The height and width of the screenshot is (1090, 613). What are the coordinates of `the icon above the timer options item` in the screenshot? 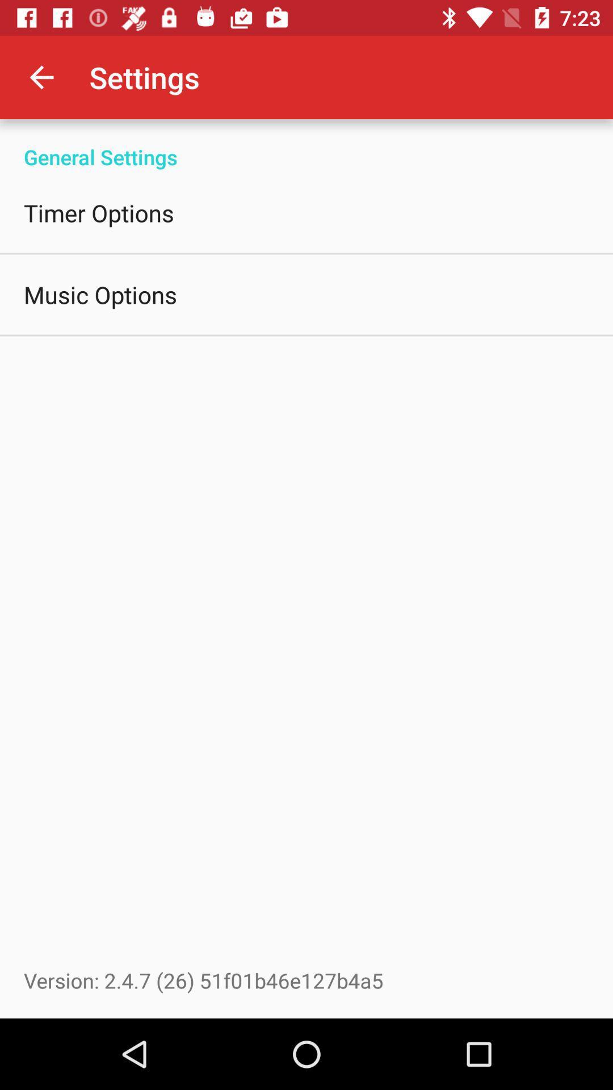 It's located at (306, 144).